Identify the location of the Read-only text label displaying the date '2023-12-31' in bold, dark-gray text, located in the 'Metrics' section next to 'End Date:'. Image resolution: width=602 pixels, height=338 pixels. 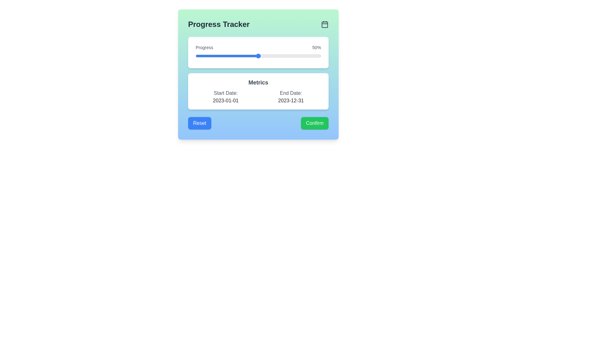
(290, 100).